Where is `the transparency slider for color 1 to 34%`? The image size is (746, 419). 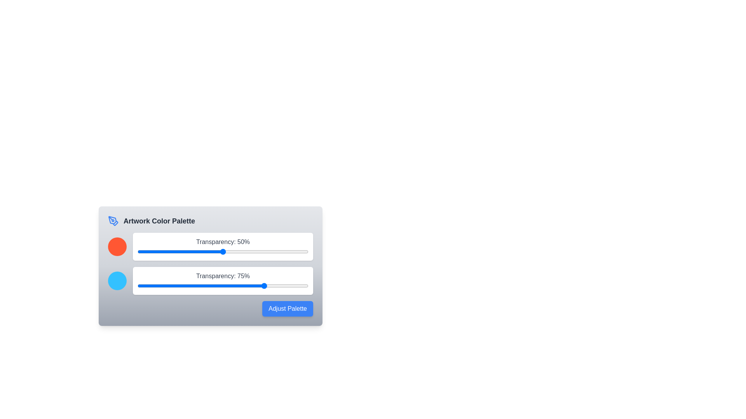
the transparency slider for color 1 to 34% is located at coordinates (195, 251).